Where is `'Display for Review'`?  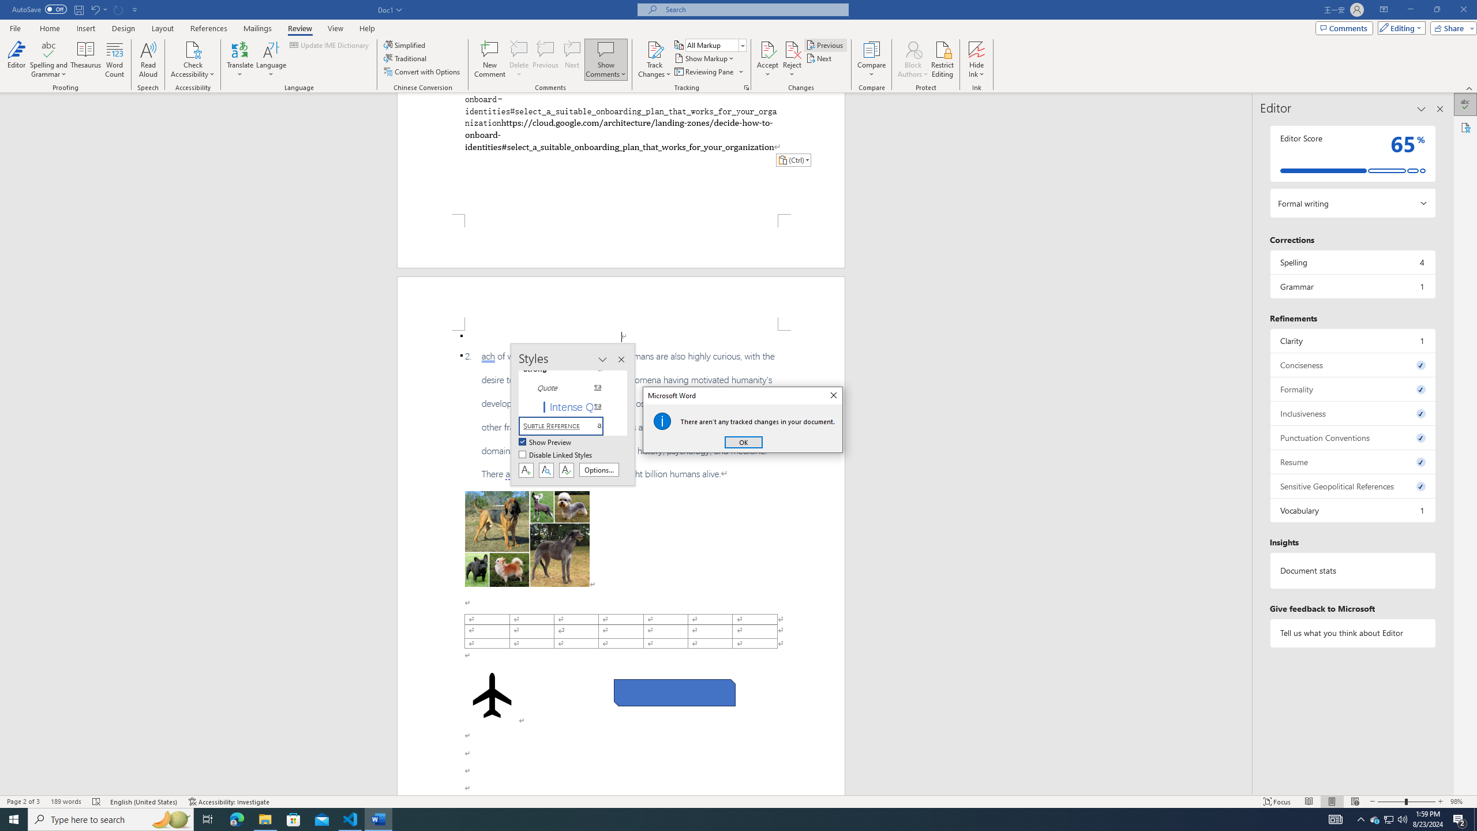 'Display for Review' is located at coordinates (715, 44).